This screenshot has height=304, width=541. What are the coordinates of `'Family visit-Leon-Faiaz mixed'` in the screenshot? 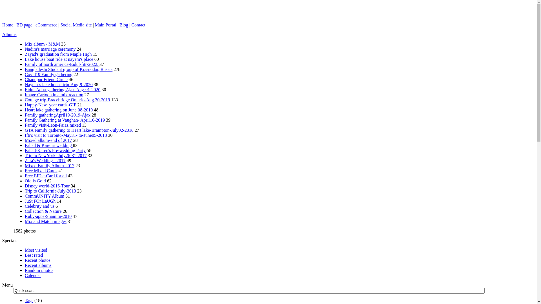 It's located at (24, 125).